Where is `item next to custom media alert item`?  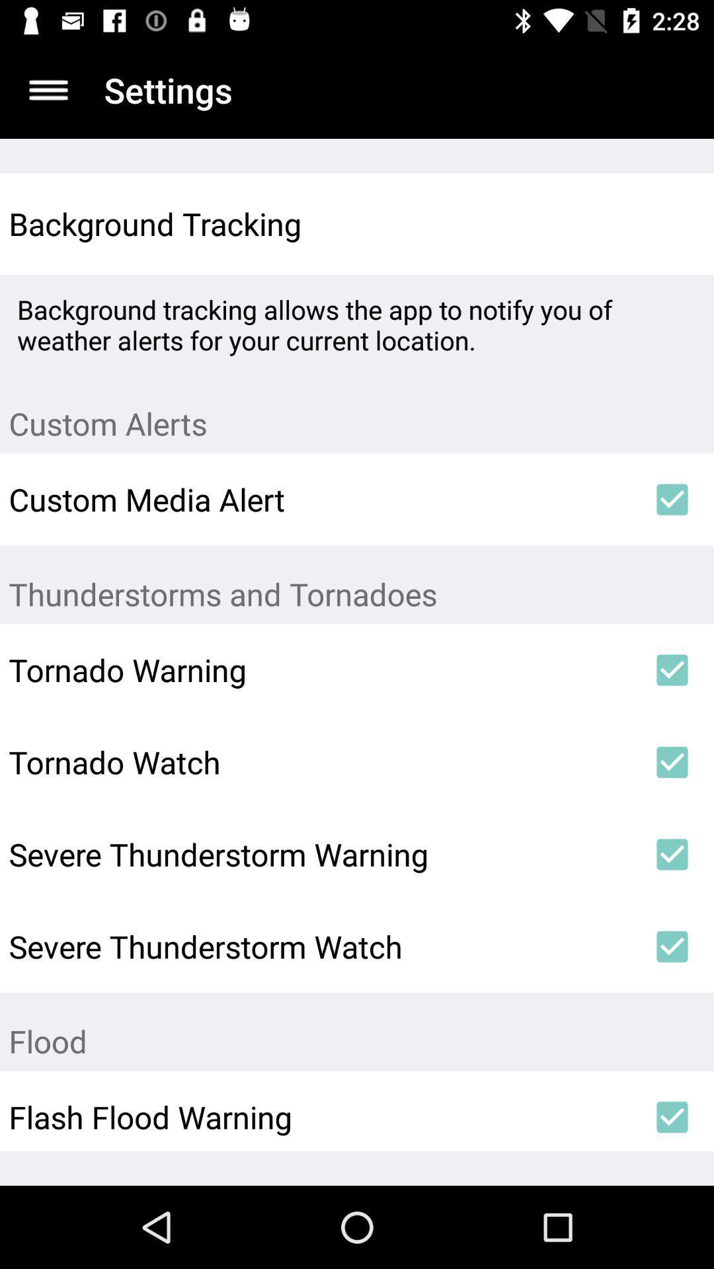
item next to custom media alert item is located at coordinates (672, 498).